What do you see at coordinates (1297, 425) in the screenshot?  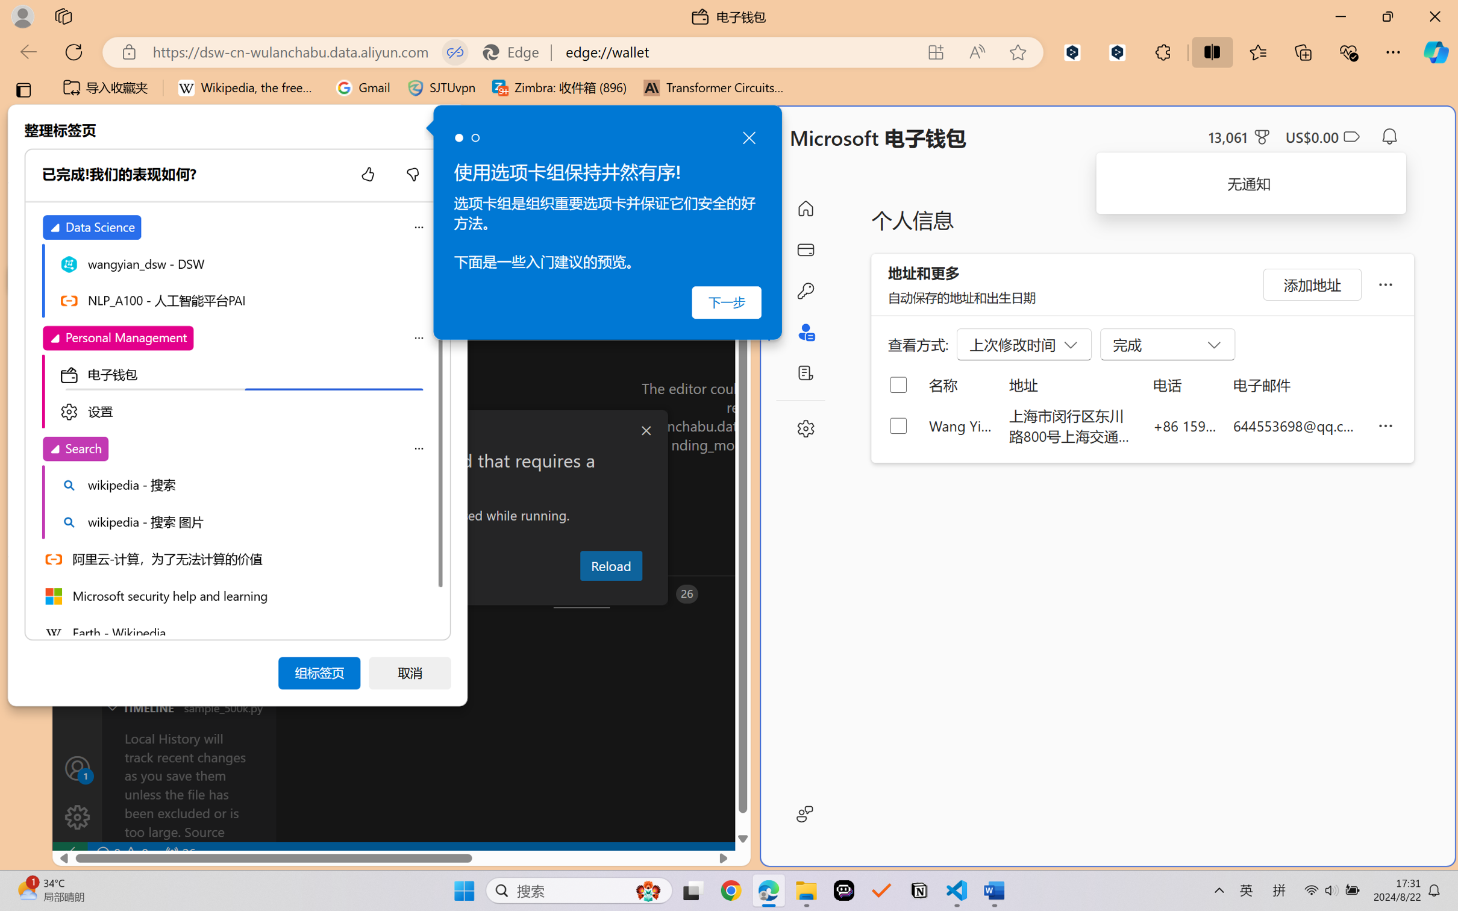 I see `'644553698@qq.com'` at bounding box center [1297, 425].